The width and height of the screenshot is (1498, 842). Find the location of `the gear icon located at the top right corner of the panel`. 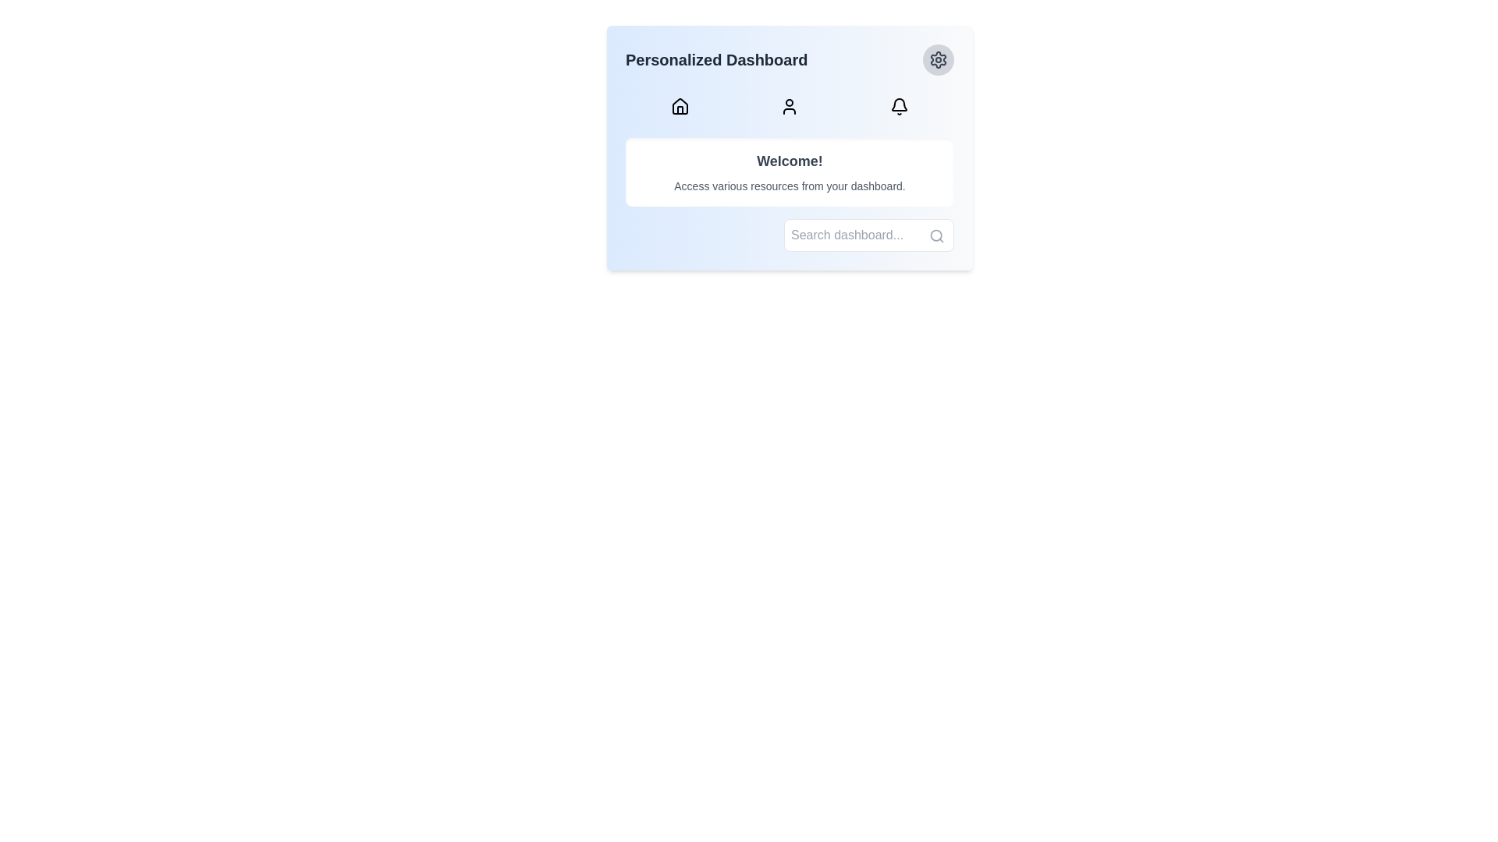

the gear icon located at the top right corner of the panel is located at coordinates (938, 59).